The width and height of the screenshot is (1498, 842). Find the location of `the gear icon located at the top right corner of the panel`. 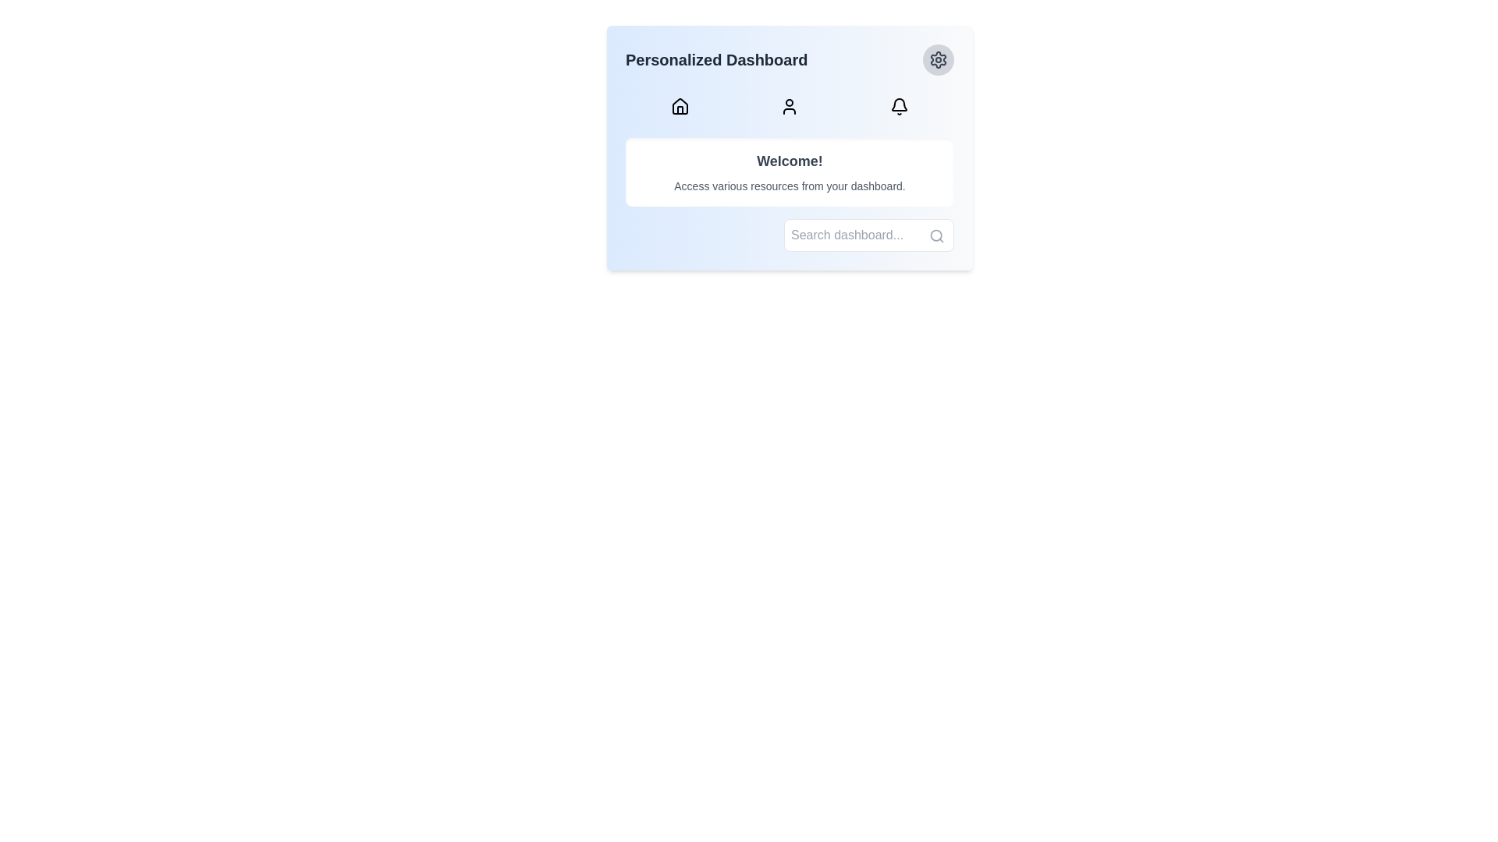

the gear icon located at the top right corner of the panel is located at coordinates (938, 59).